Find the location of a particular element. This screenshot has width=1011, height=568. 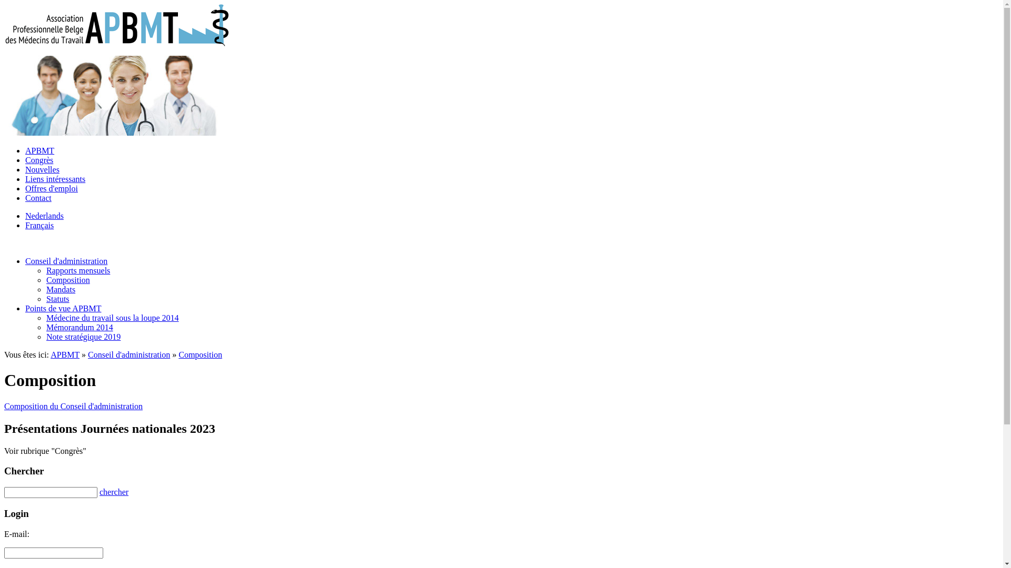

'Offres d'emploi' is located at coordinates (25, 188).